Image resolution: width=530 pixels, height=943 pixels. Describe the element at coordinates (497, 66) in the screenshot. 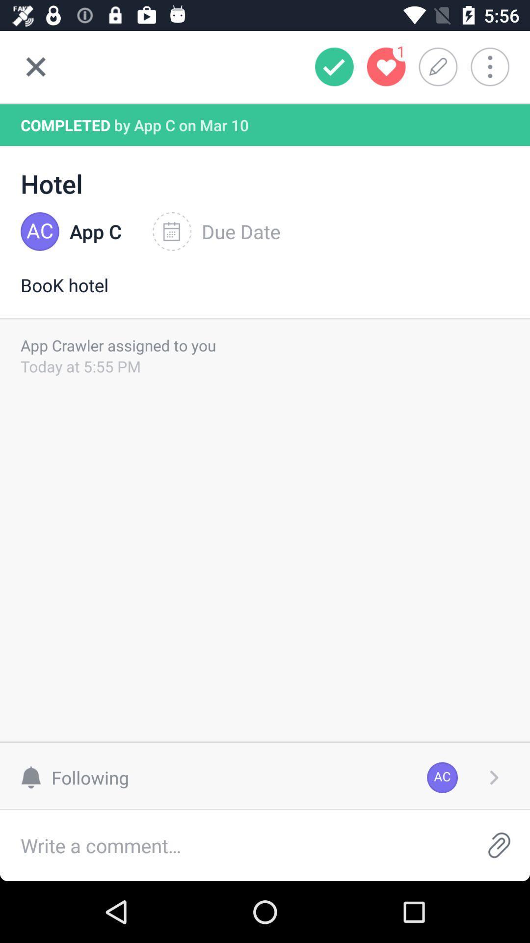

I see `open menu` at that location.